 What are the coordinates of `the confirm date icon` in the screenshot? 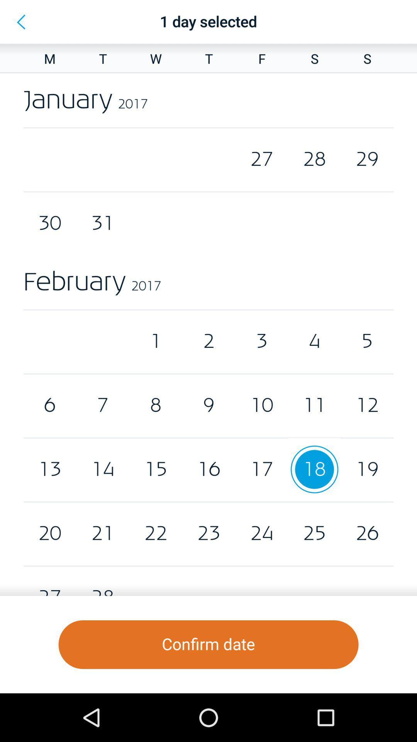 It's located at (208, 645).